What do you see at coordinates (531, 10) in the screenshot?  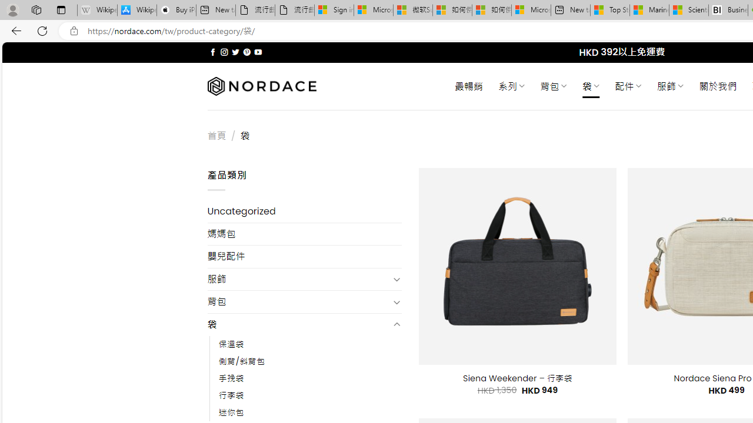 I see `'Microsoft account | Account Checkup'` at bounding box center [531, 10].